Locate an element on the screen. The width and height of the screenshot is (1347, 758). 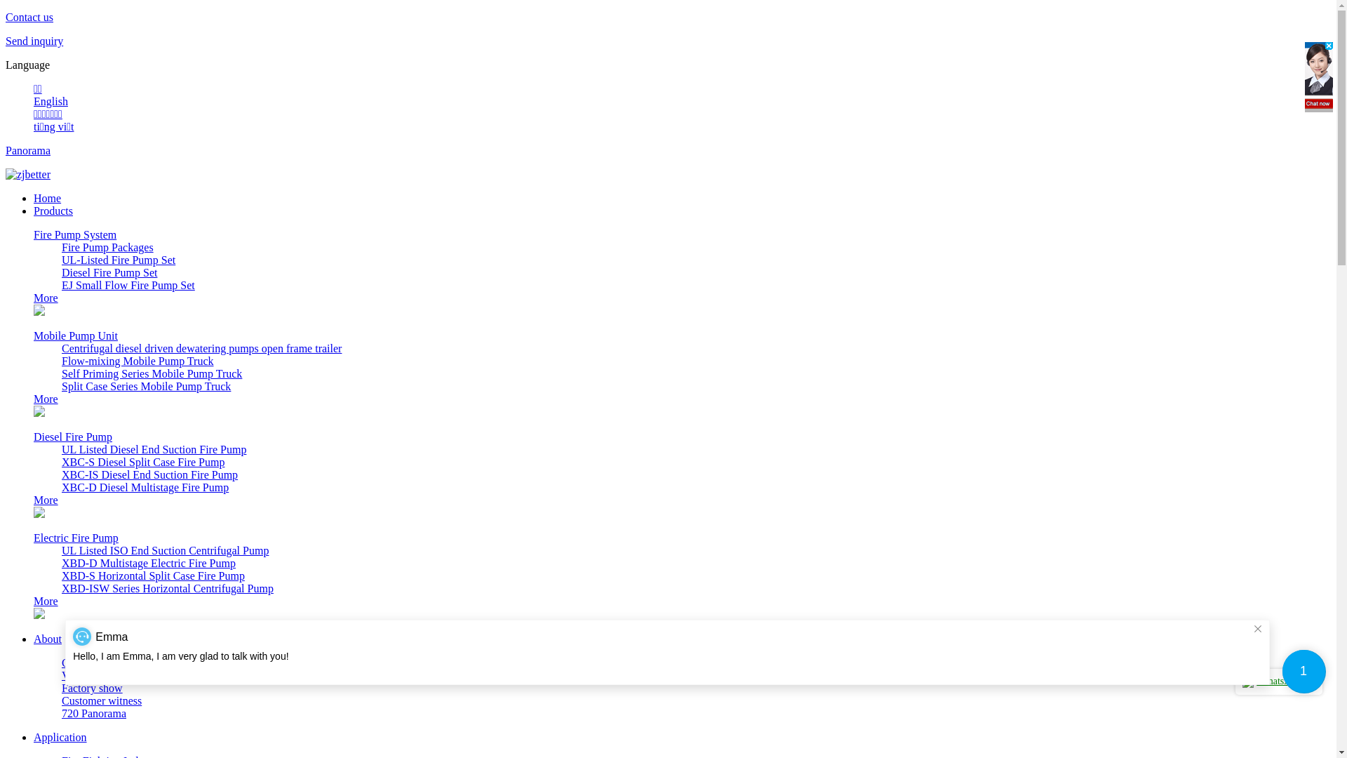
'XBD-S Horizontal Split Case Fire Pump' is located at coordinates (153, 576).